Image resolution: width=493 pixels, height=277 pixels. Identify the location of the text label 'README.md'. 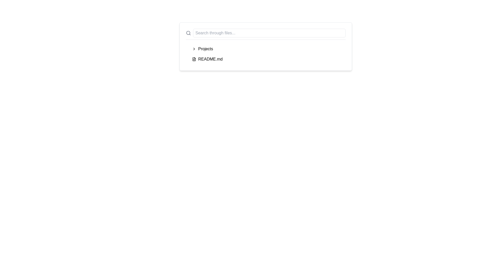
(210, 59).